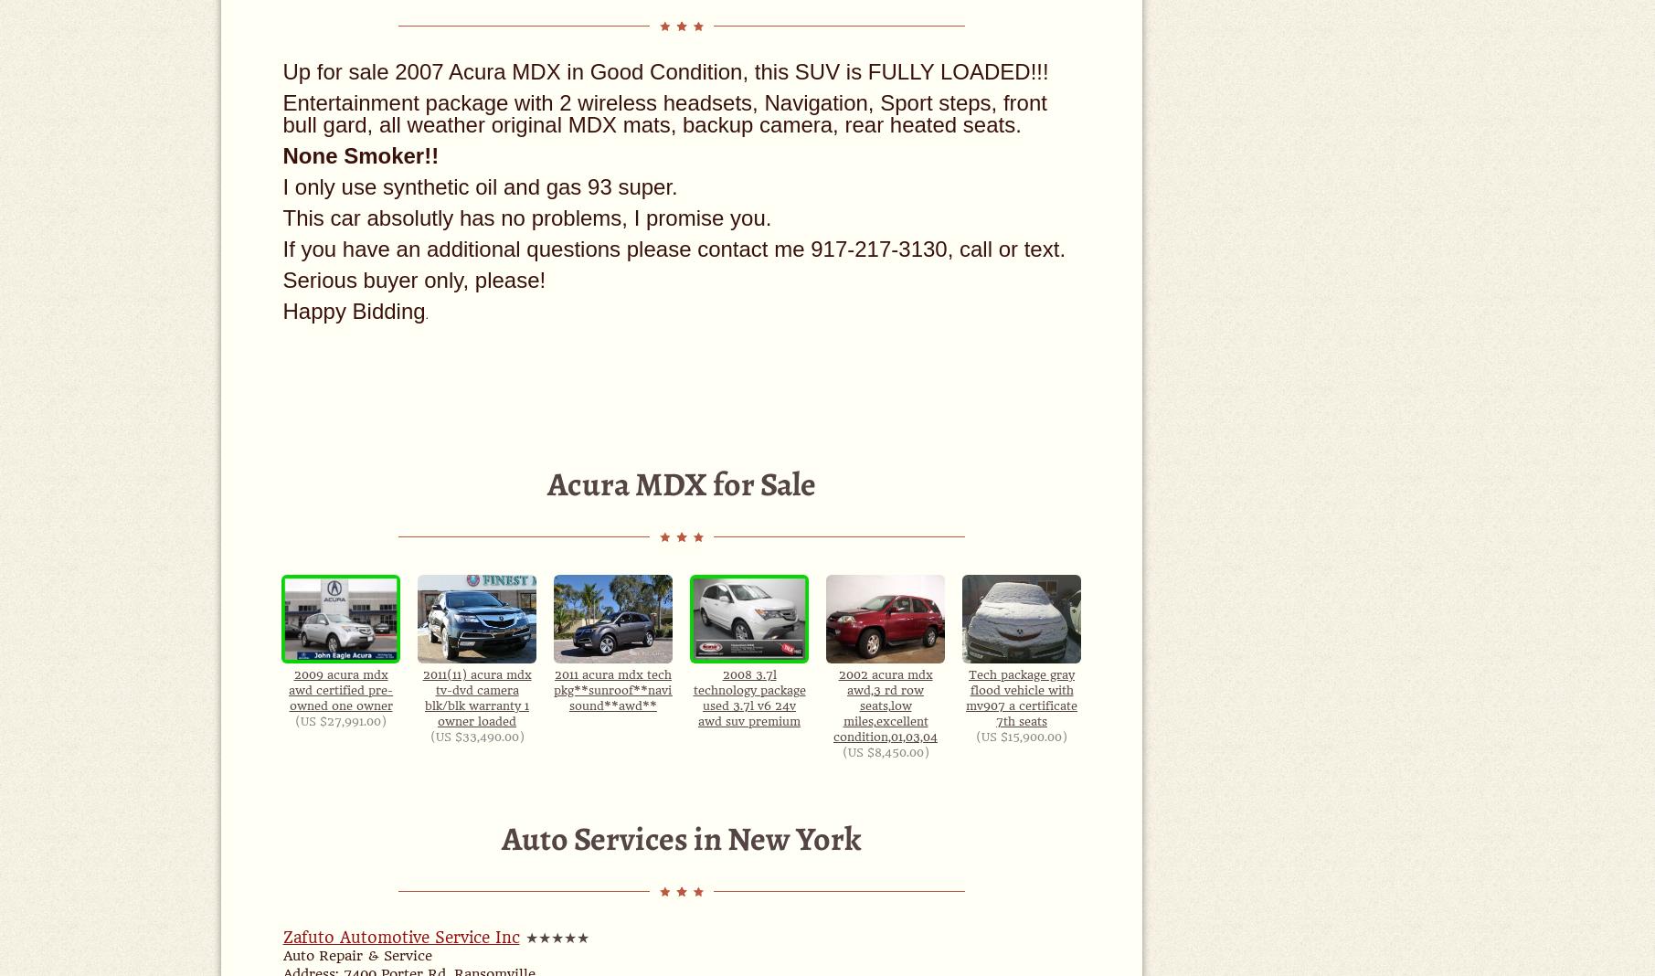 This screenshot has width=1655, height=976. Describe the element at coordinates (664, 70) in the screenshot. I see `'Up for sale 2007 Acura MDX in Good Condition, this SUV is FULLY LOADED!!!'` at that location.